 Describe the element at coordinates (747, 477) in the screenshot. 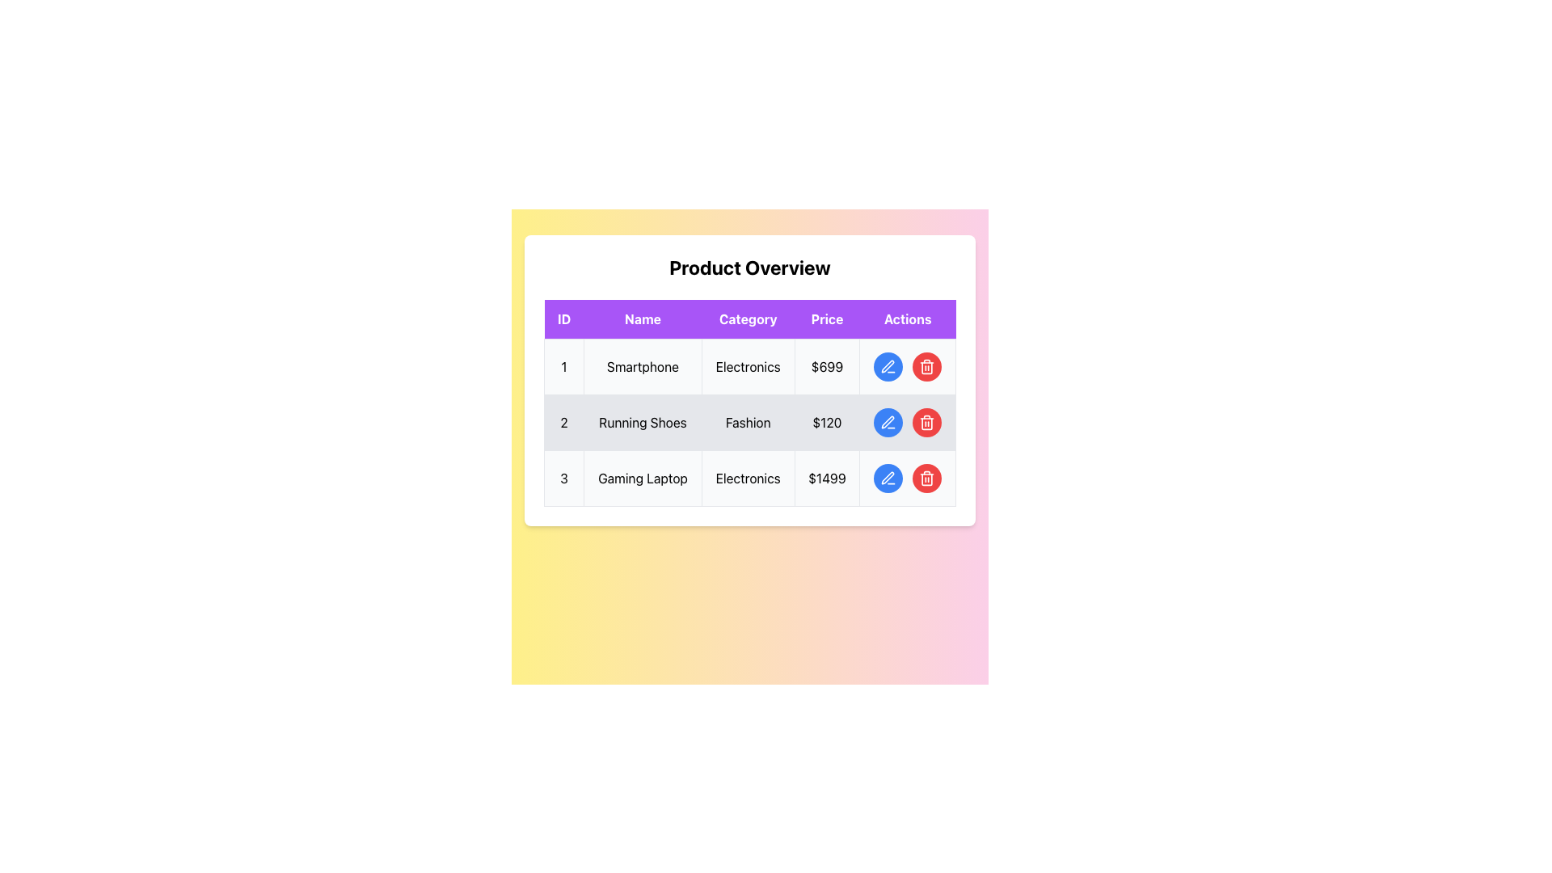

I see `the text label indicating the product category in the third row of the table, which is located between the 'Gaming Laptop' cell and the '$1499' cell` at that location.